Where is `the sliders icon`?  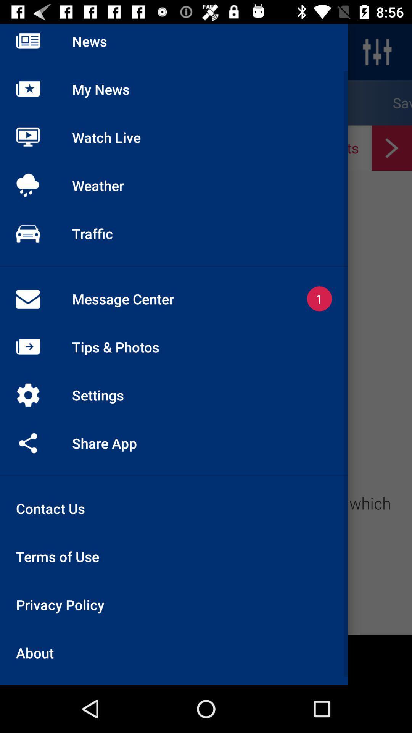
the sliders icon is located at coordinates (377, 52).